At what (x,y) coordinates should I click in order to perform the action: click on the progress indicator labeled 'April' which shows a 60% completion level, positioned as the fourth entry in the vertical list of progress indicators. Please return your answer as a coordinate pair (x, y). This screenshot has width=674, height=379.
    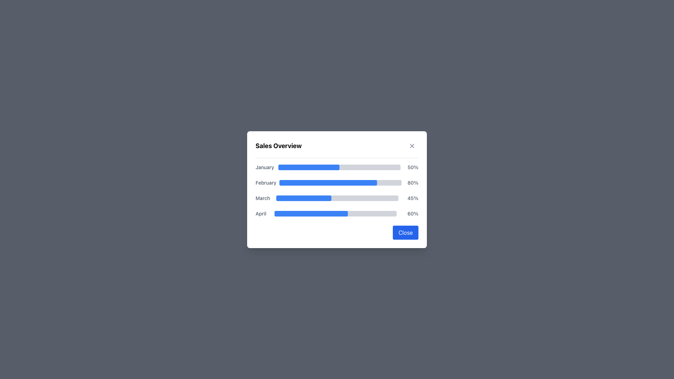
    Looking at the image, I should click on (337, 213).